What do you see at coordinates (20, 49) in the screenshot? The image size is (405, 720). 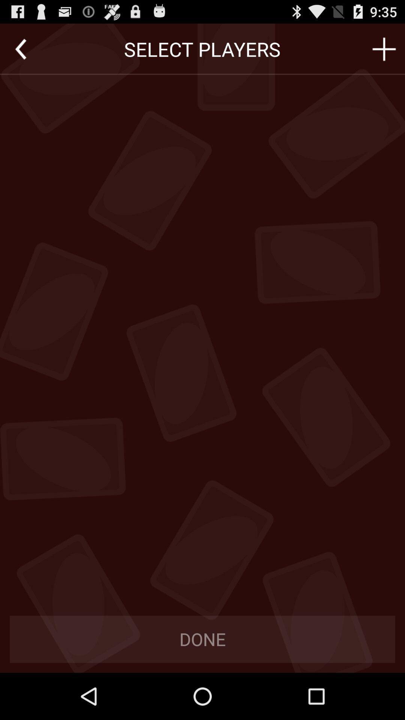 I see `previous` at bounding box center [20, 49].